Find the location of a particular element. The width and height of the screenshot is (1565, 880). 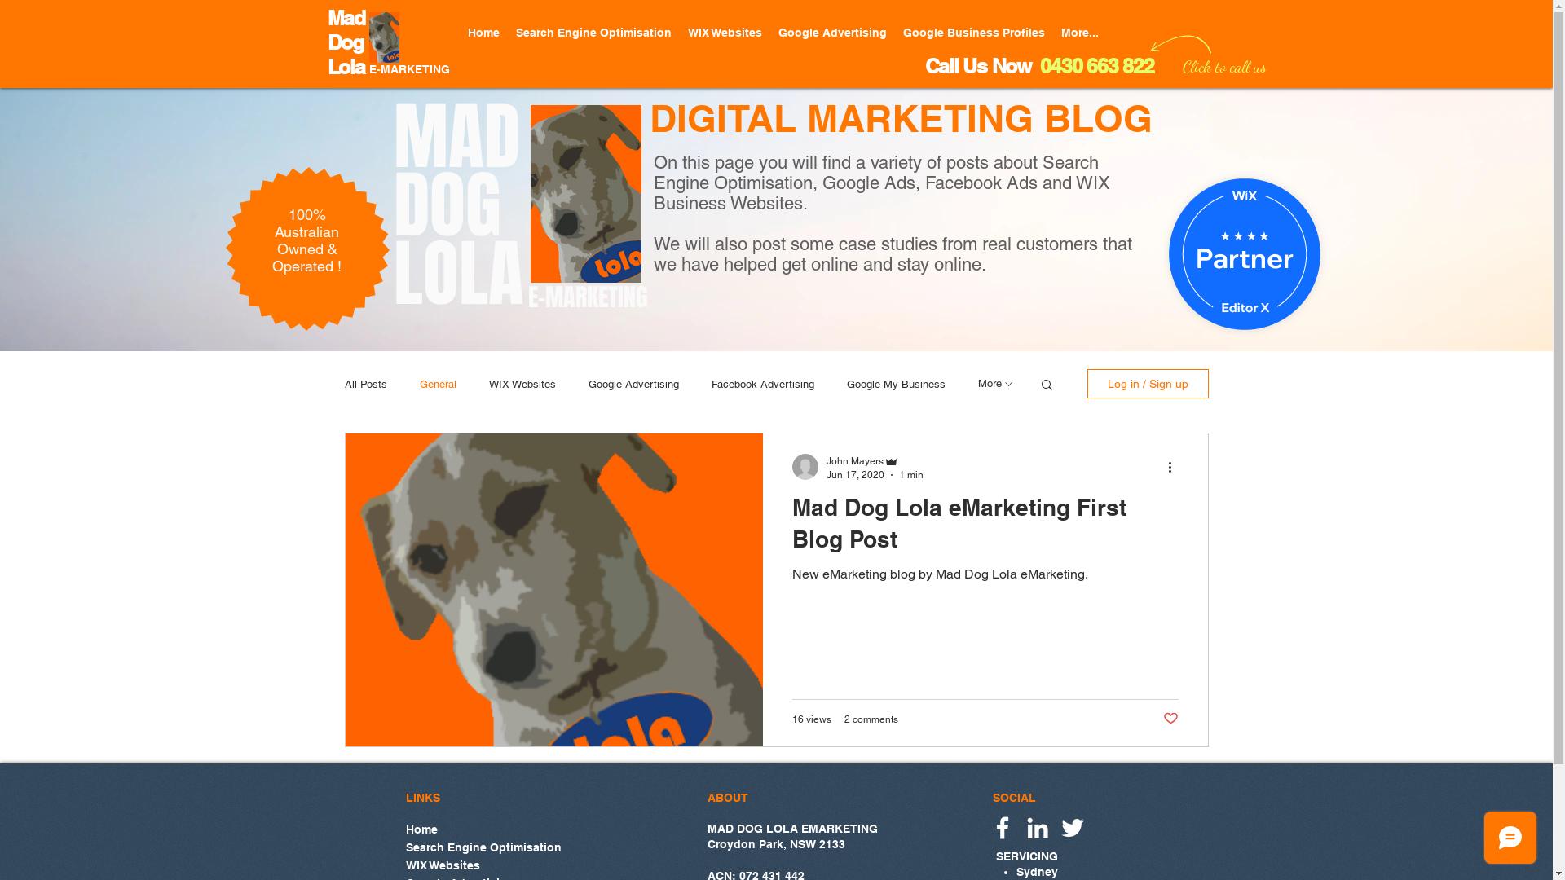

'Home' is located at coordinates (483, 829).